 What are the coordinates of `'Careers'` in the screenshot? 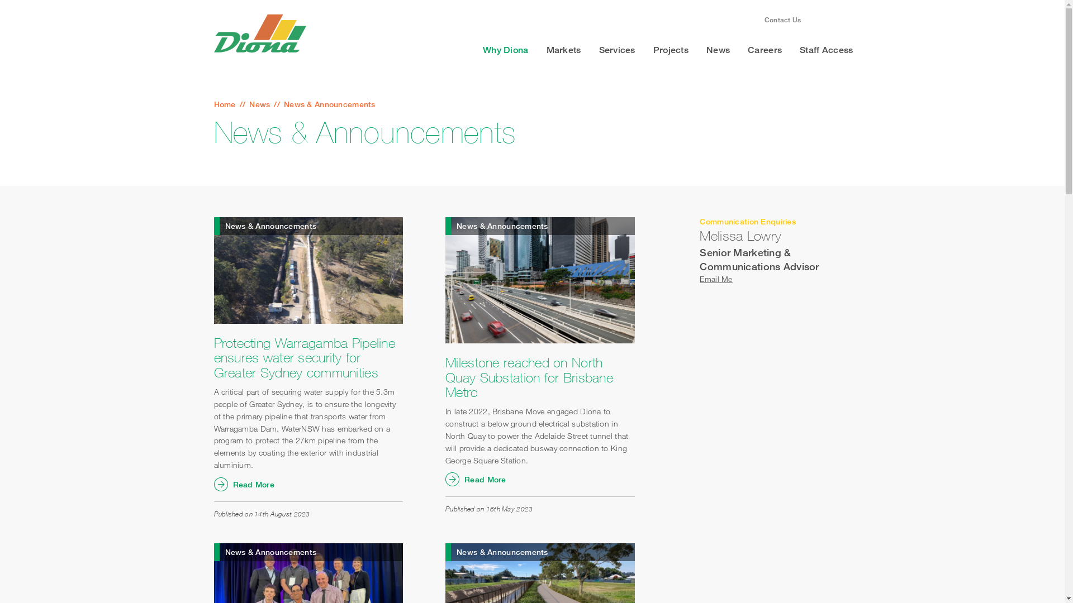 It's located at (764, 49).